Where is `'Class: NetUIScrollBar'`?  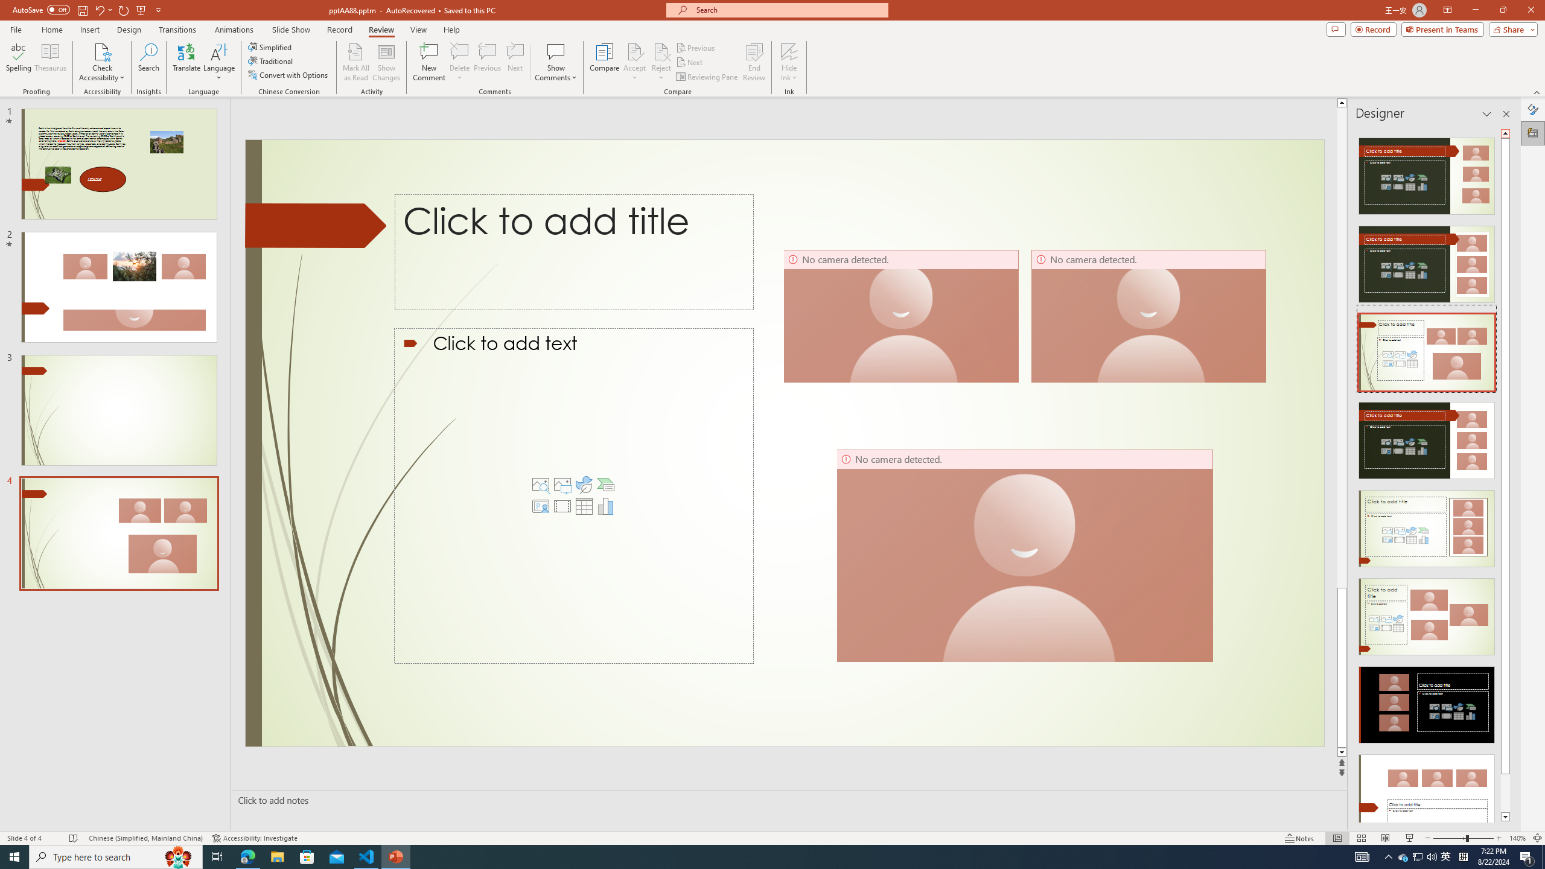
'Class: NetUIScrollBar' is located at coordinates (1505, 474).